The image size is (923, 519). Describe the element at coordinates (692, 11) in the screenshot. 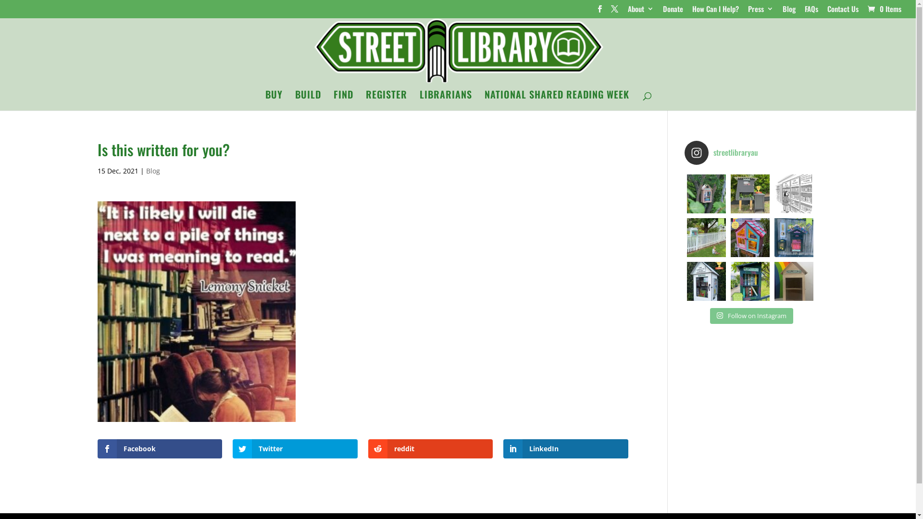

I see `'How Can I Help?'` at that location.